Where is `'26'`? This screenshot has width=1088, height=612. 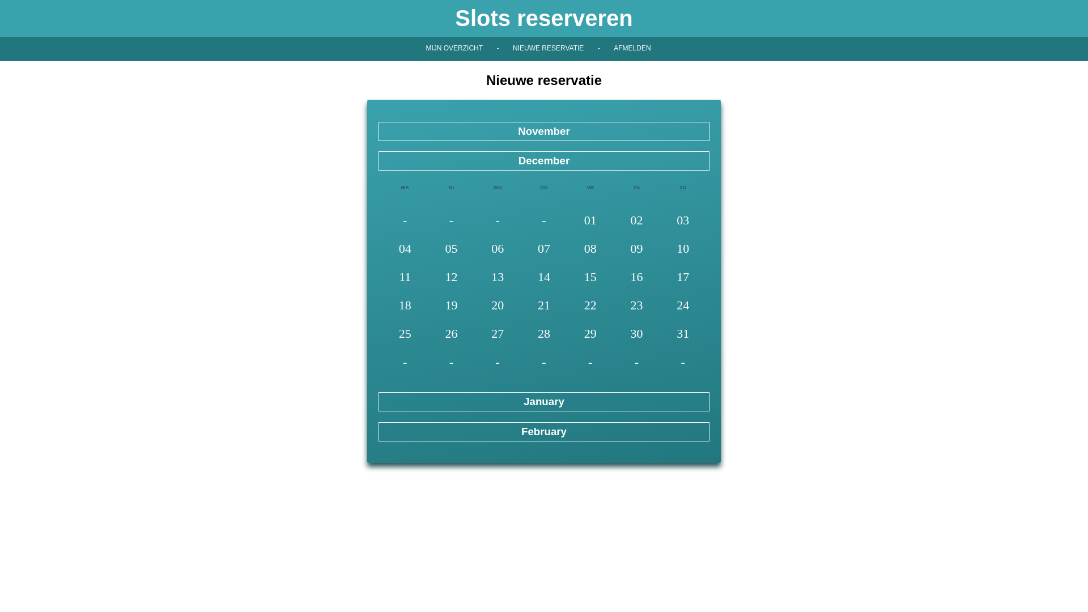 '26' is located at coordinates (450, 334).